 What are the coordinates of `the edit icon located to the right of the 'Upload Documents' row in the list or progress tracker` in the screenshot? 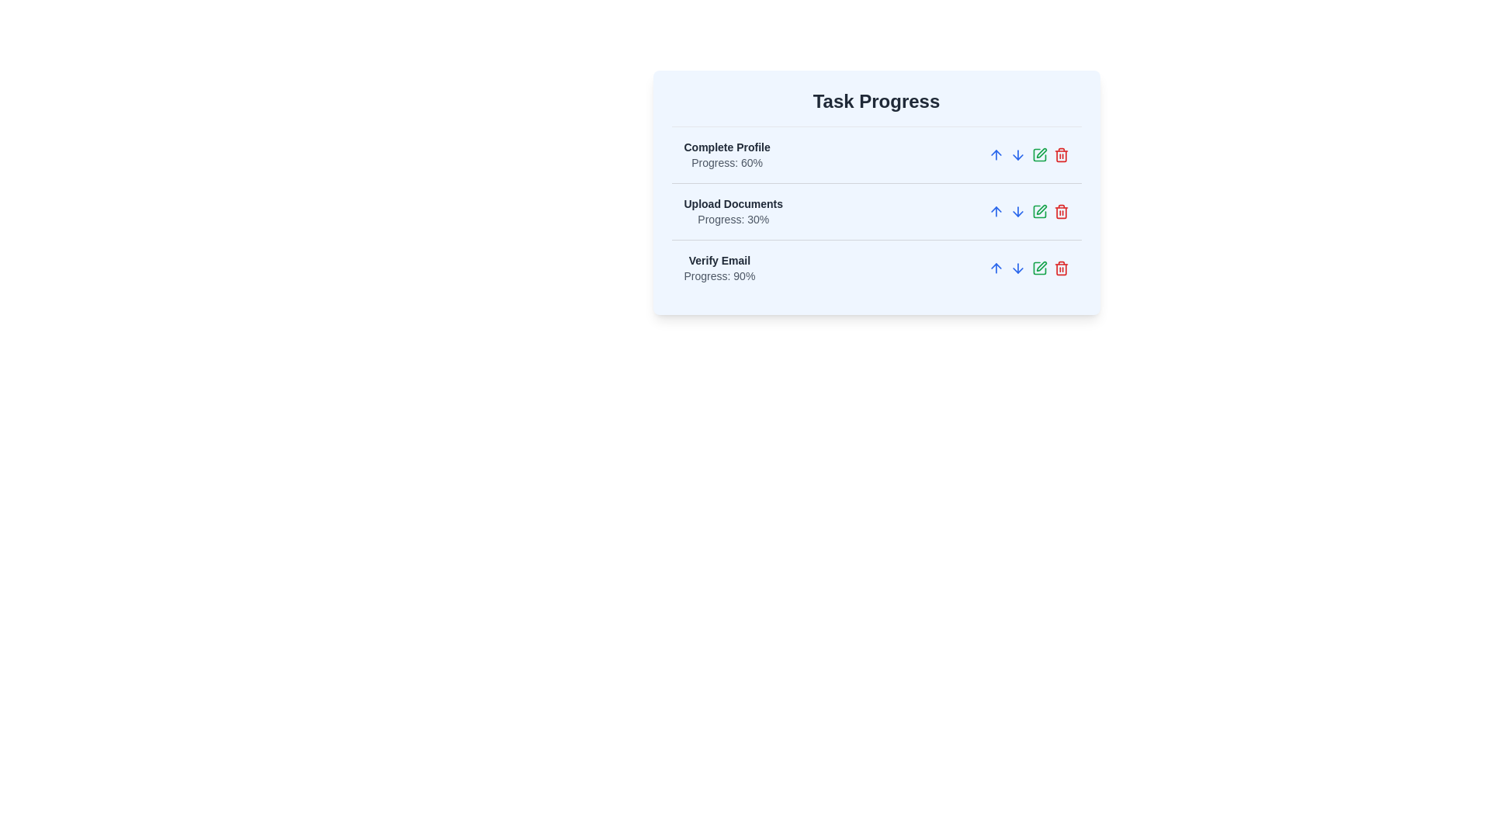 It's located at (1041, 153).